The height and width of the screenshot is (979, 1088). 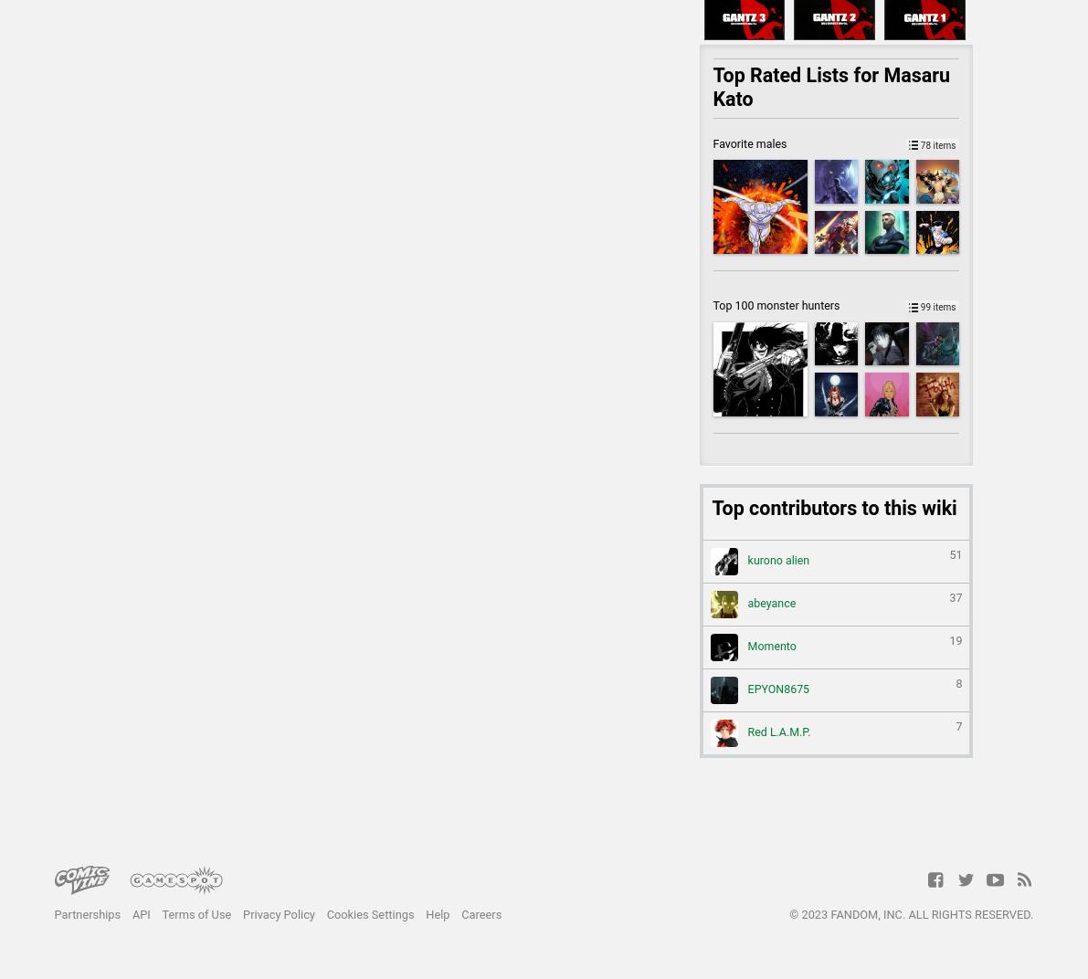 I want to click on '51', so click(x=949, y=553).